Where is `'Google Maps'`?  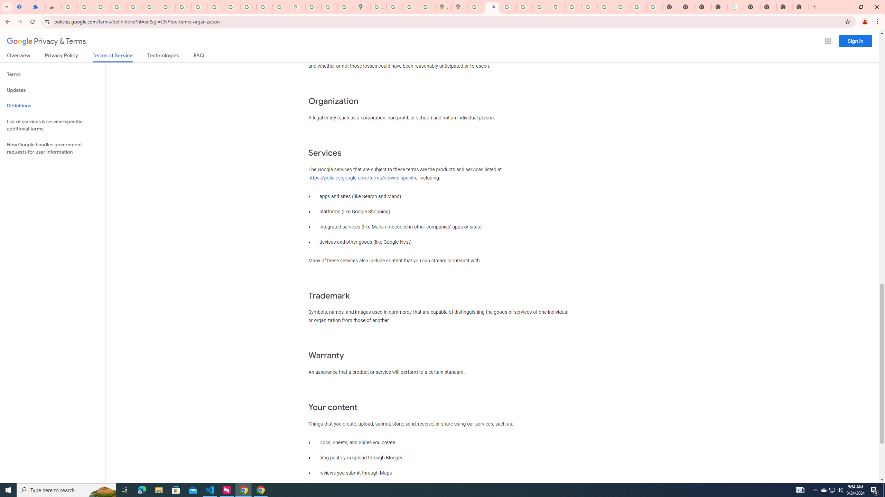
'Google Maps' is located at coordinates (362, 7).